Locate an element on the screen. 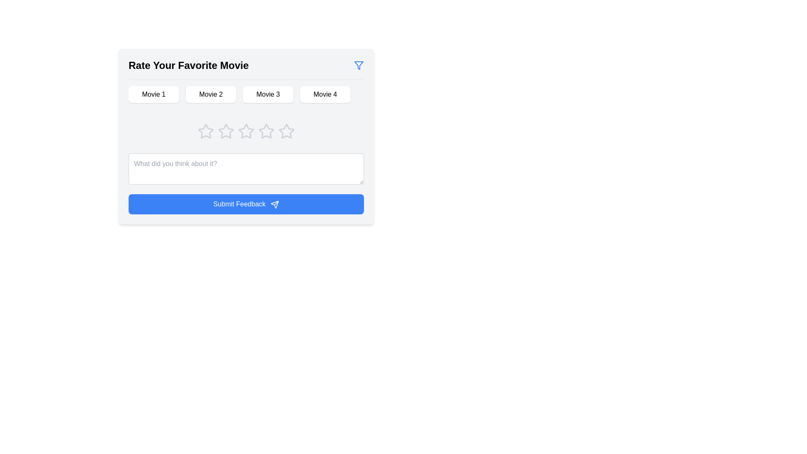 The width and height of the screenshot is (807, 454). the first star icon in the 5-star rating system to indicate a one-star rating is located at coordinates (206, 131).